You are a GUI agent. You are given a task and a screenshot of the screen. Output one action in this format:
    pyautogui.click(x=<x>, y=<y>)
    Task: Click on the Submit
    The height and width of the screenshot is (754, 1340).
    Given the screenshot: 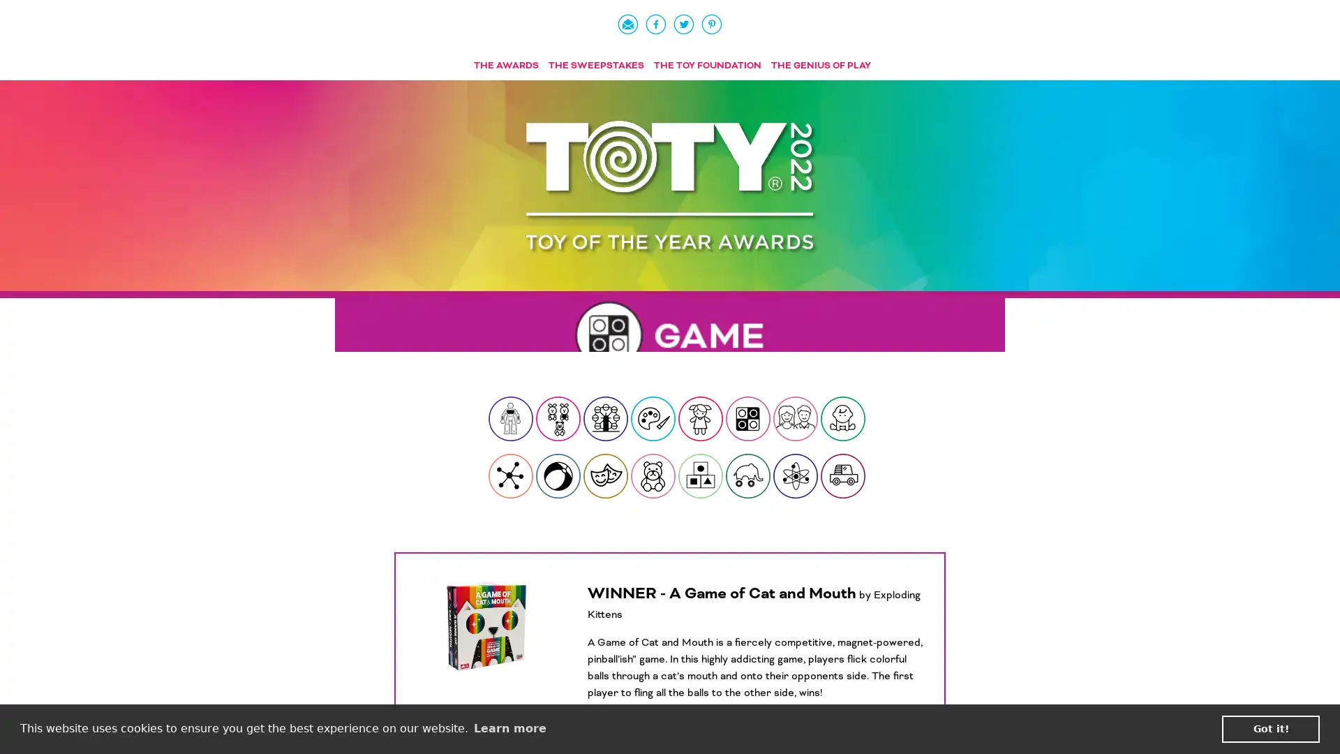 What is the action you would take?
    pyautogui.click(x=653, y=475)
    